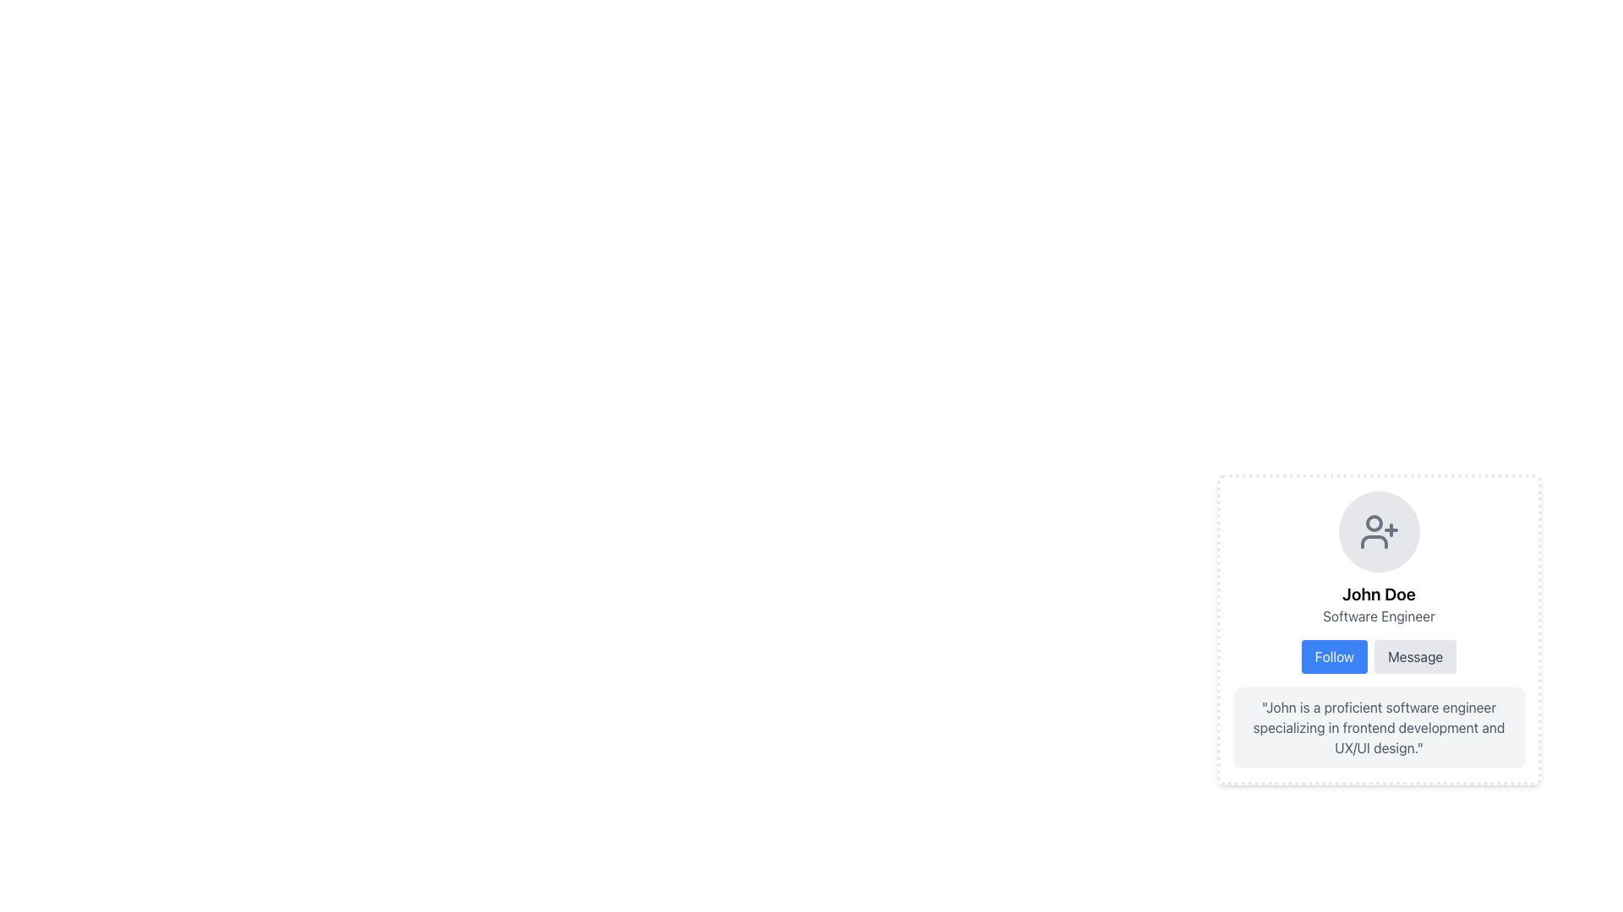 The image size is (1623, 912). What do you see at coordinates (1379, 594) in the screenshot?
I see `the text label displaying 'John Doe', which is a prominent heading in the profile card layout, located below an icon and above the text 'Software Engineer'` at bounding box center [1379, 594].